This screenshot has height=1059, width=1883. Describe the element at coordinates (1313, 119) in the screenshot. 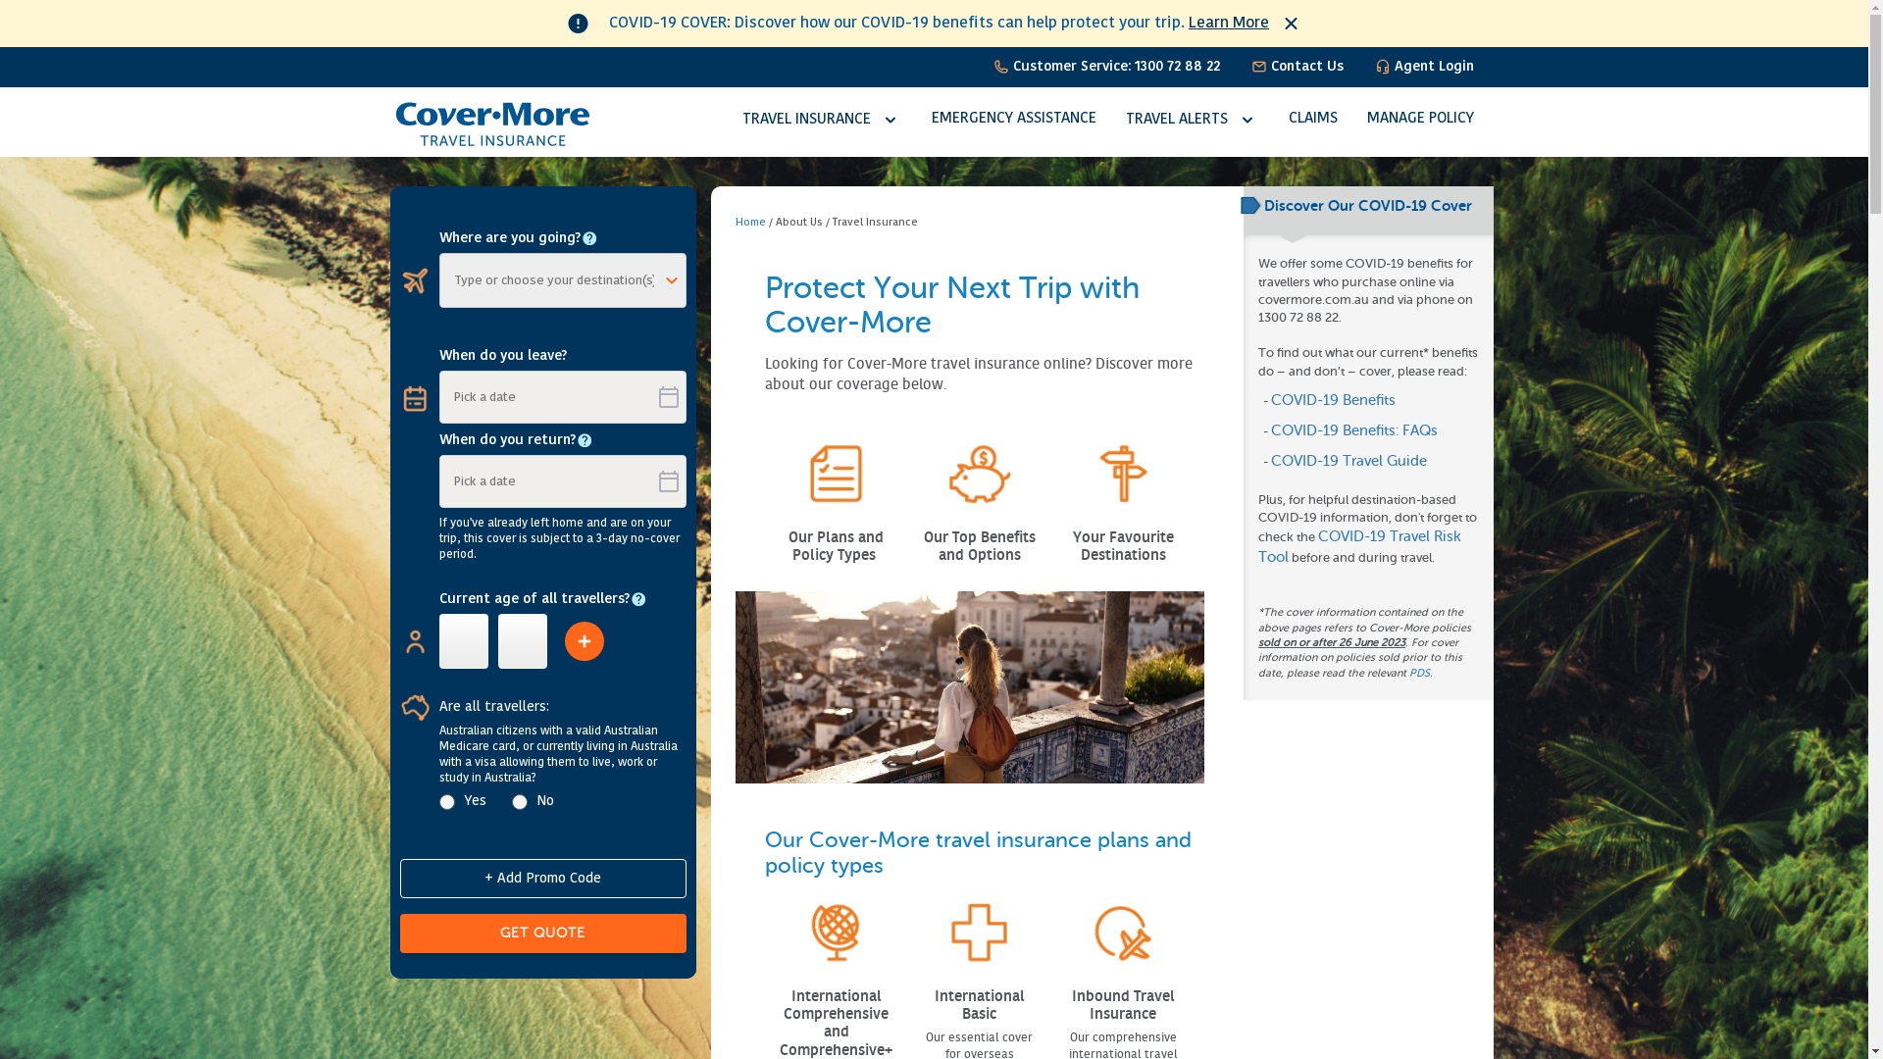

I see `'CLAIMS'` at that location.